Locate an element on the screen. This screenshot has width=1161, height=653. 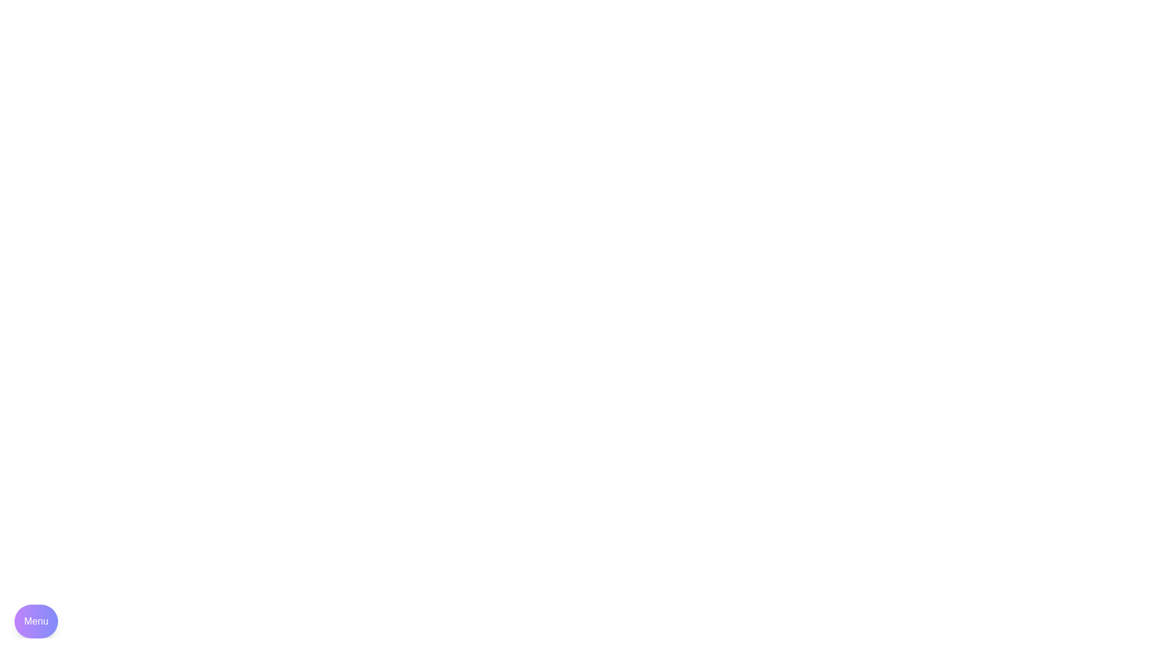
the 'Menu' button to toggle the menu visibility is located at coordinates (36, 622).